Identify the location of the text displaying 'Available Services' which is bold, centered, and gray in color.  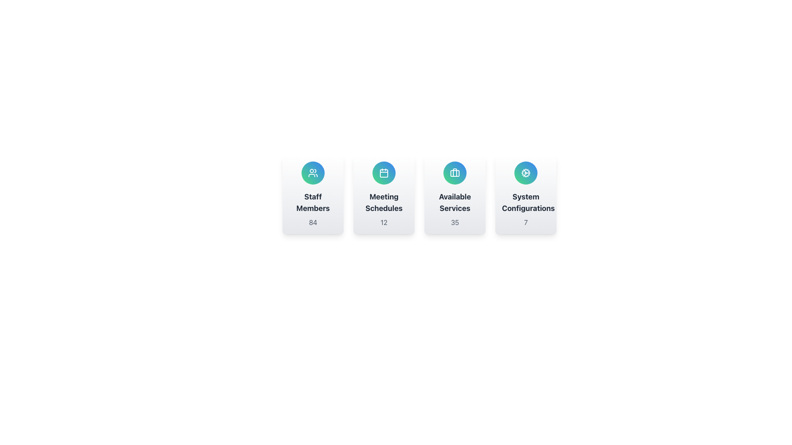
(455, 203).